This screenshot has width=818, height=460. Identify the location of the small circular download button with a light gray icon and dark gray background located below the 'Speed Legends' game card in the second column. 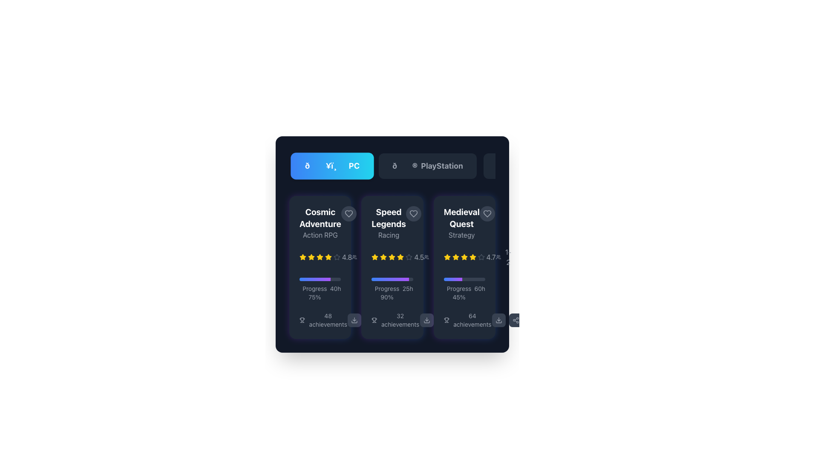
(354, 320).